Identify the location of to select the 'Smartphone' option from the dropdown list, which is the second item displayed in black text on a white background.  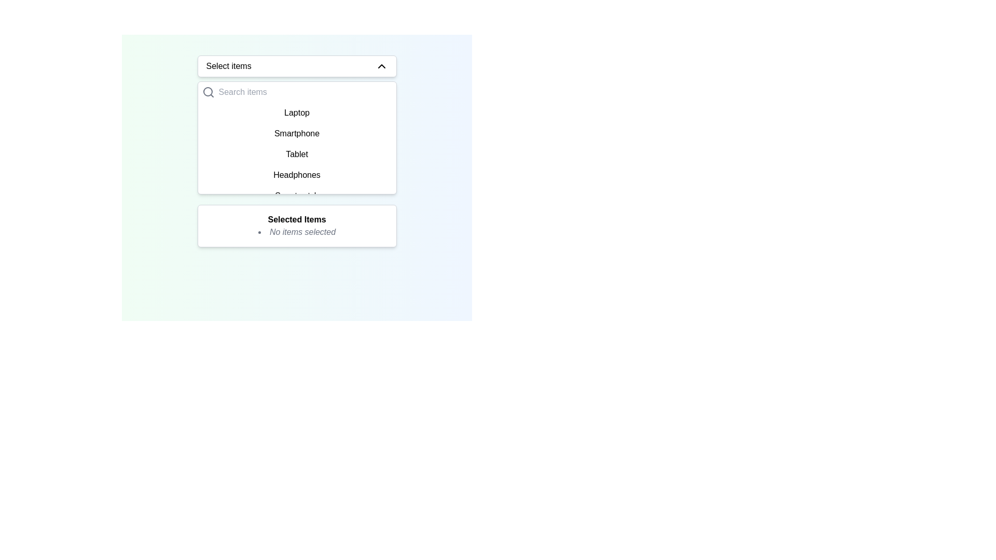
(296, 133).